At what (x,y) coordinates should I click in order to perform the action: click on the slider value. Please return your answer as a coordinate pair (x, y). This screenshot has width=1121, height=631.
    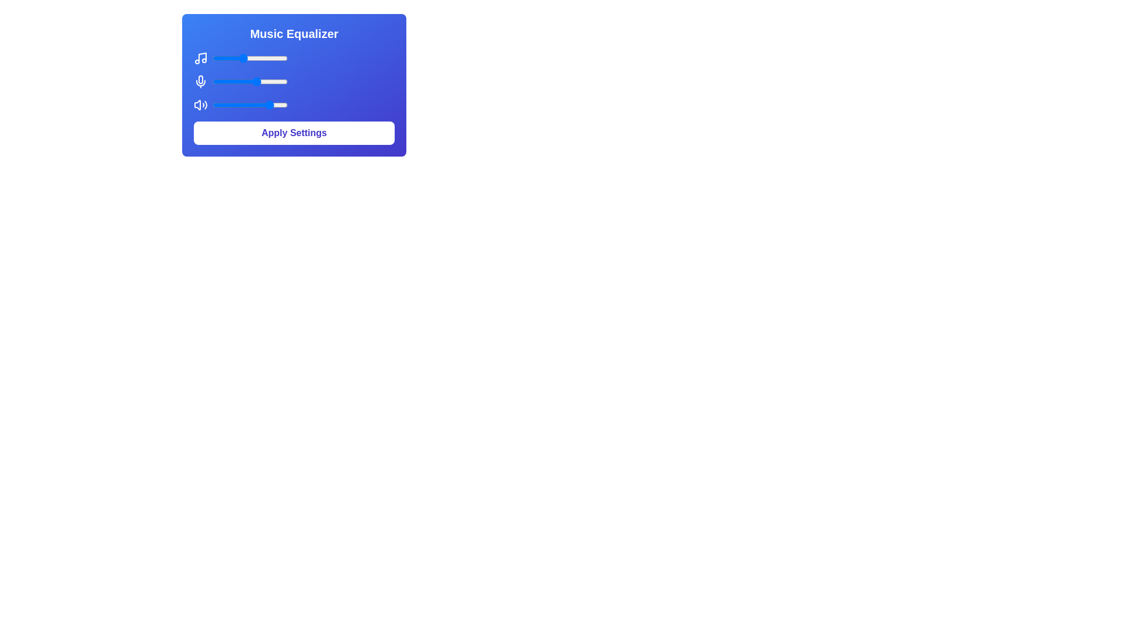
    Looking at the image, I should click on (277, 81).